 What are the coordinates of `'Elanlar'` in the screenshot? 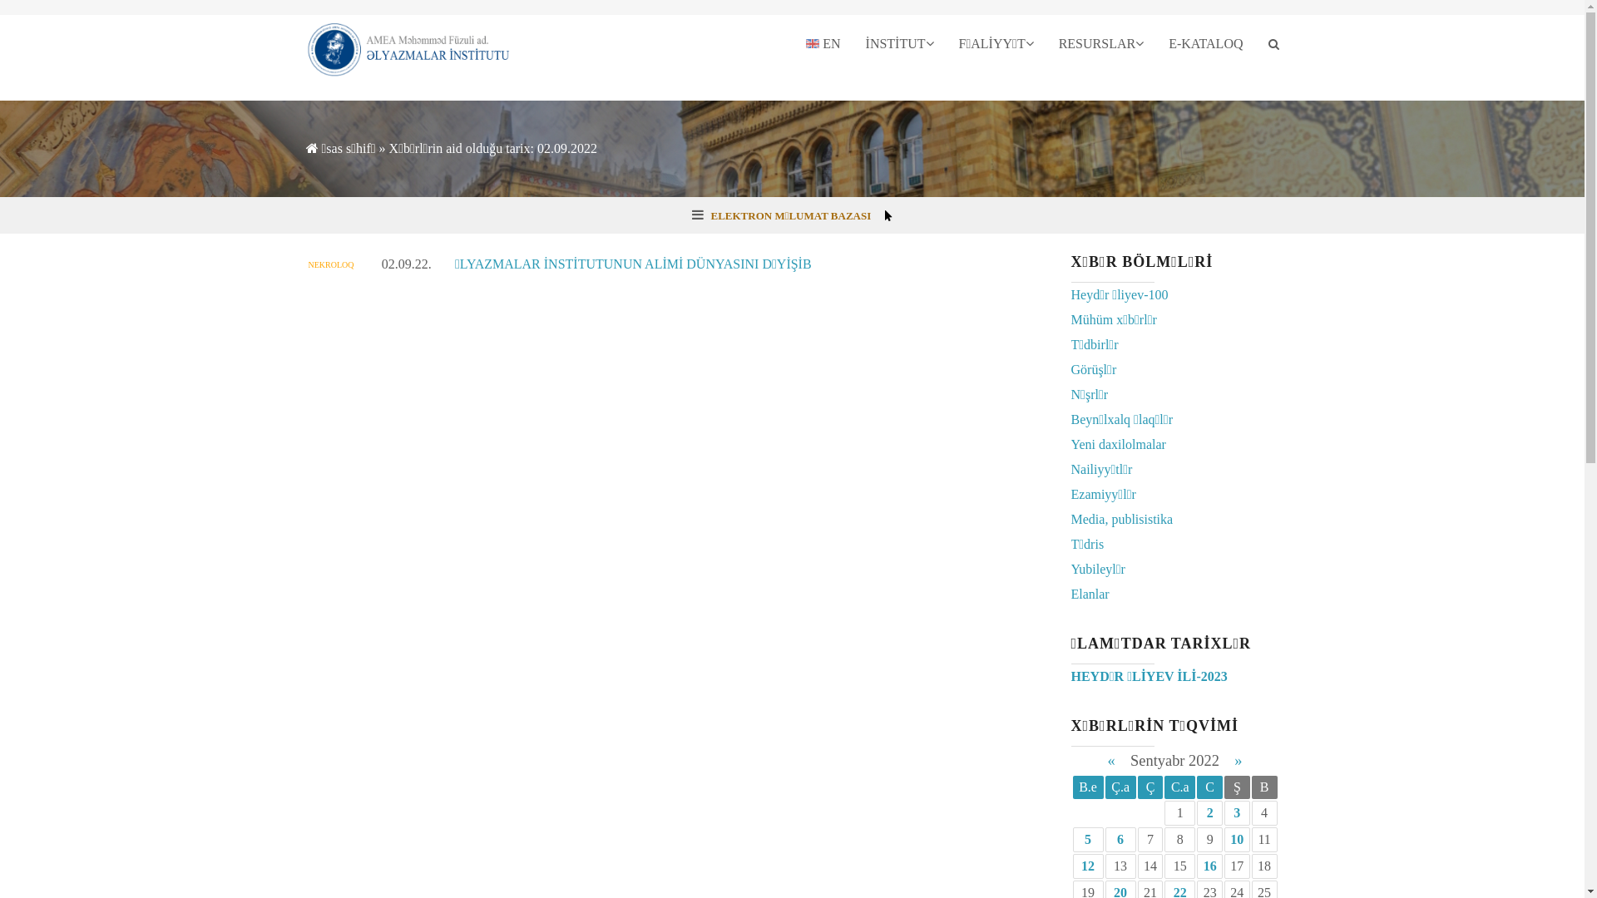 It's located at (1090, 593).